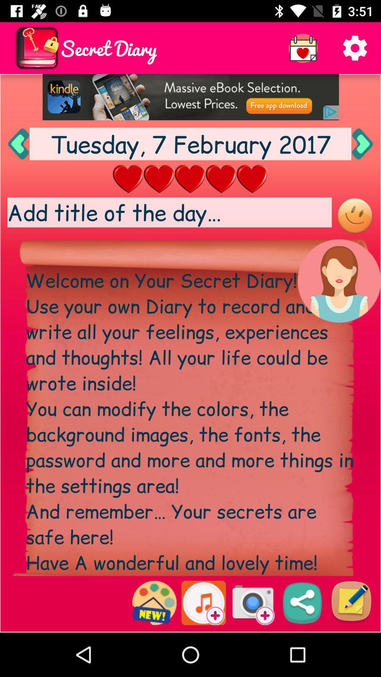  I want to click on the edit icon, so click(351, 602).